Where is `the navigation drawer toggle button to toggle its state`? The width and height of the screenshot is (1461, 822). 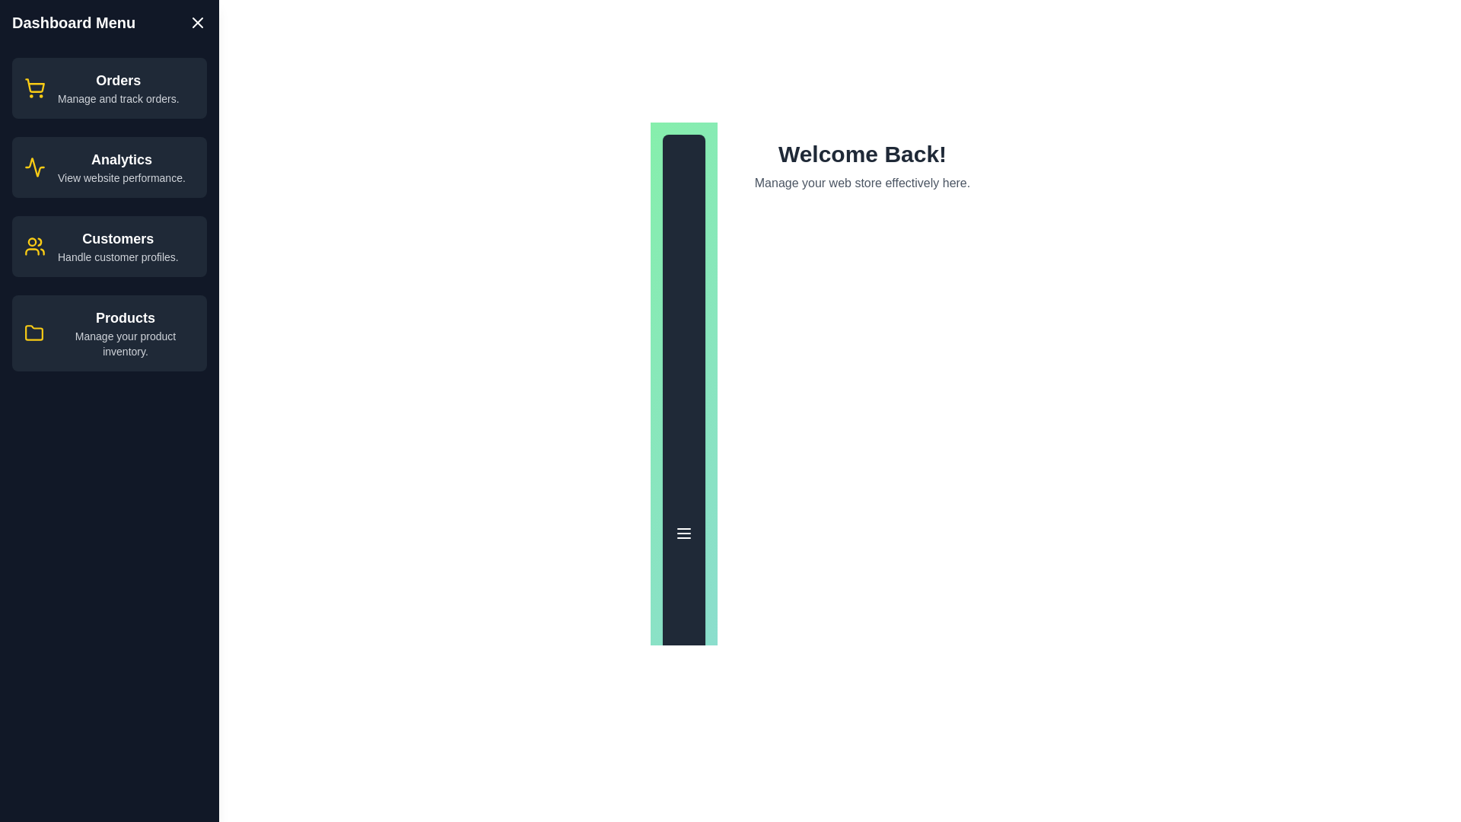 the navigation drawer toggle button to toggle its state is located at coordinates (683, 533).